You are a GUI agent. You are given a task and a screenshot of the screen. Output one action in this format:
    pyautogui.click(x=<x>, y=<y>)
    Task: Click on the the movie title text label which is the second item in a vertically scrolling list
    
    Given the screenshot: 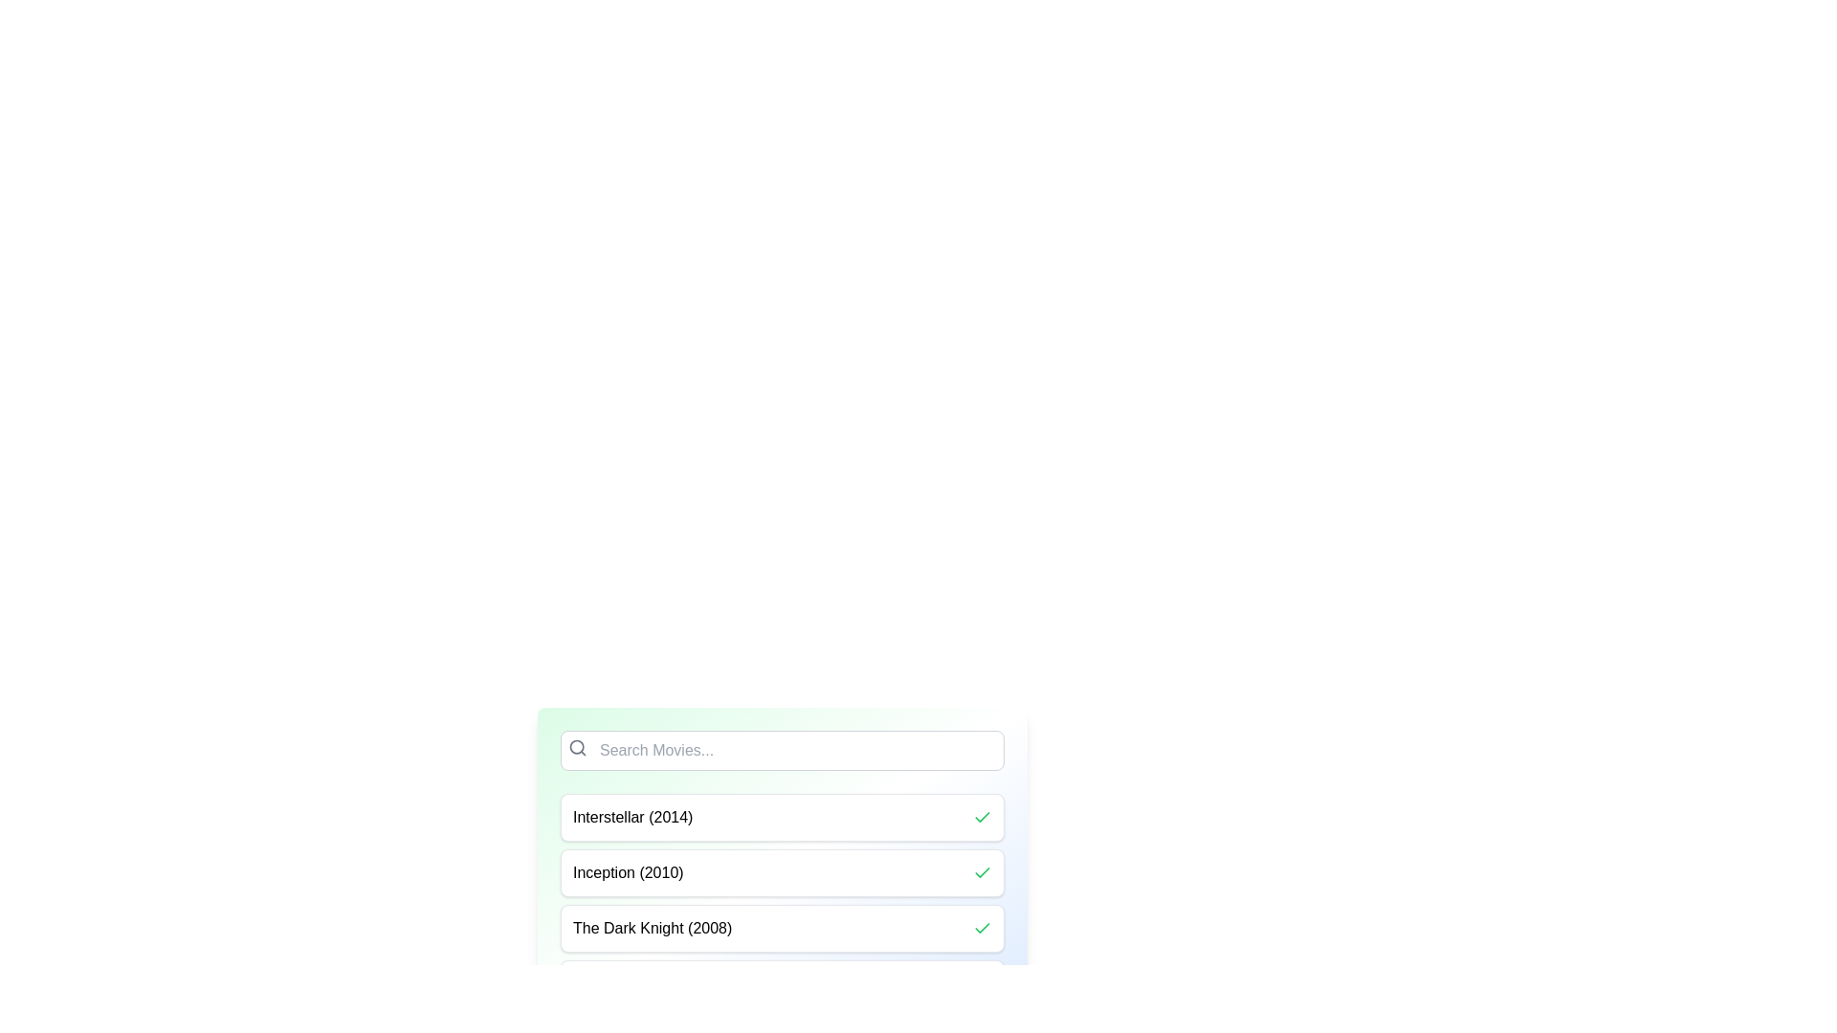 What is the action you would take?
    pyautogui.click(x=628, y=873)
    